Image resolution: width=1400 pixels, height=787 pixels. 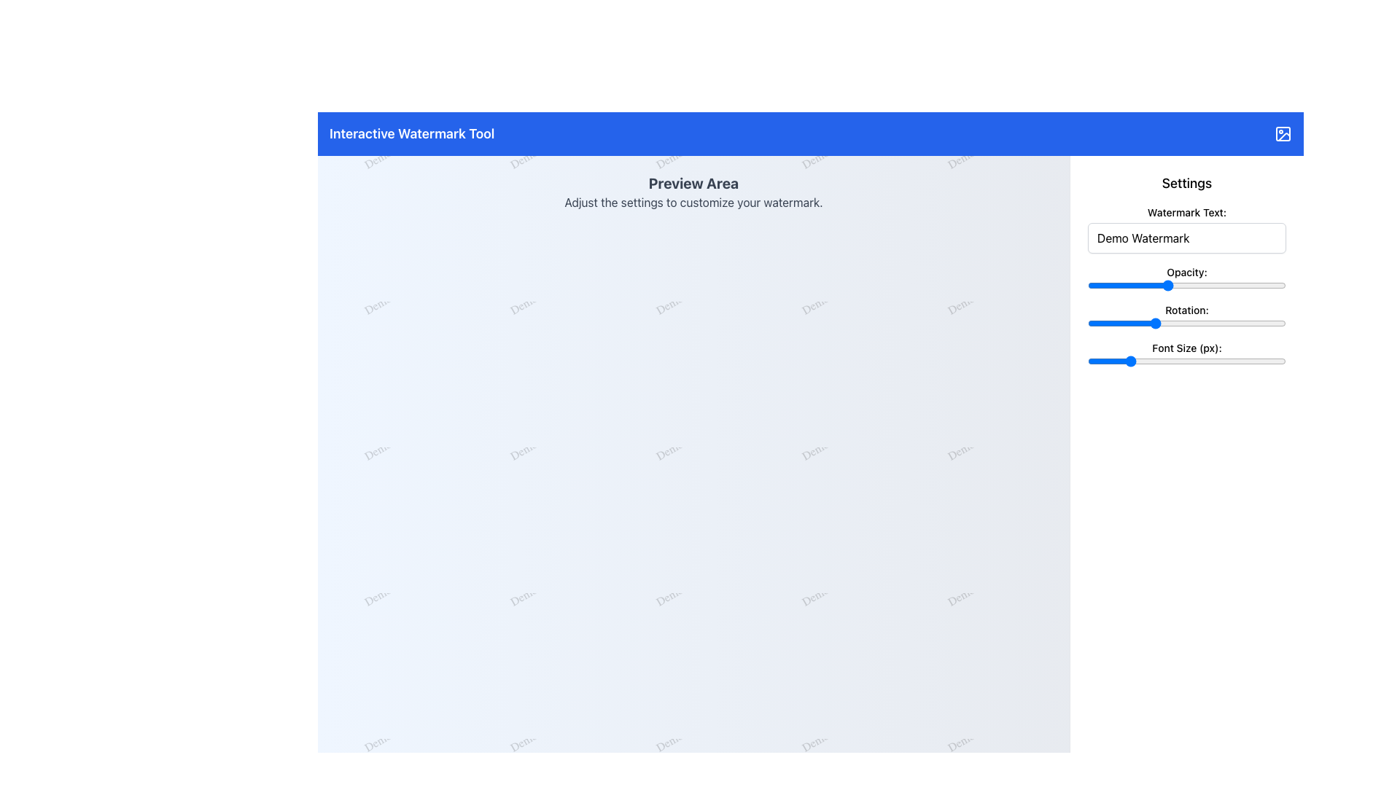 I want to click on font size, so click(x=1101, y=361).